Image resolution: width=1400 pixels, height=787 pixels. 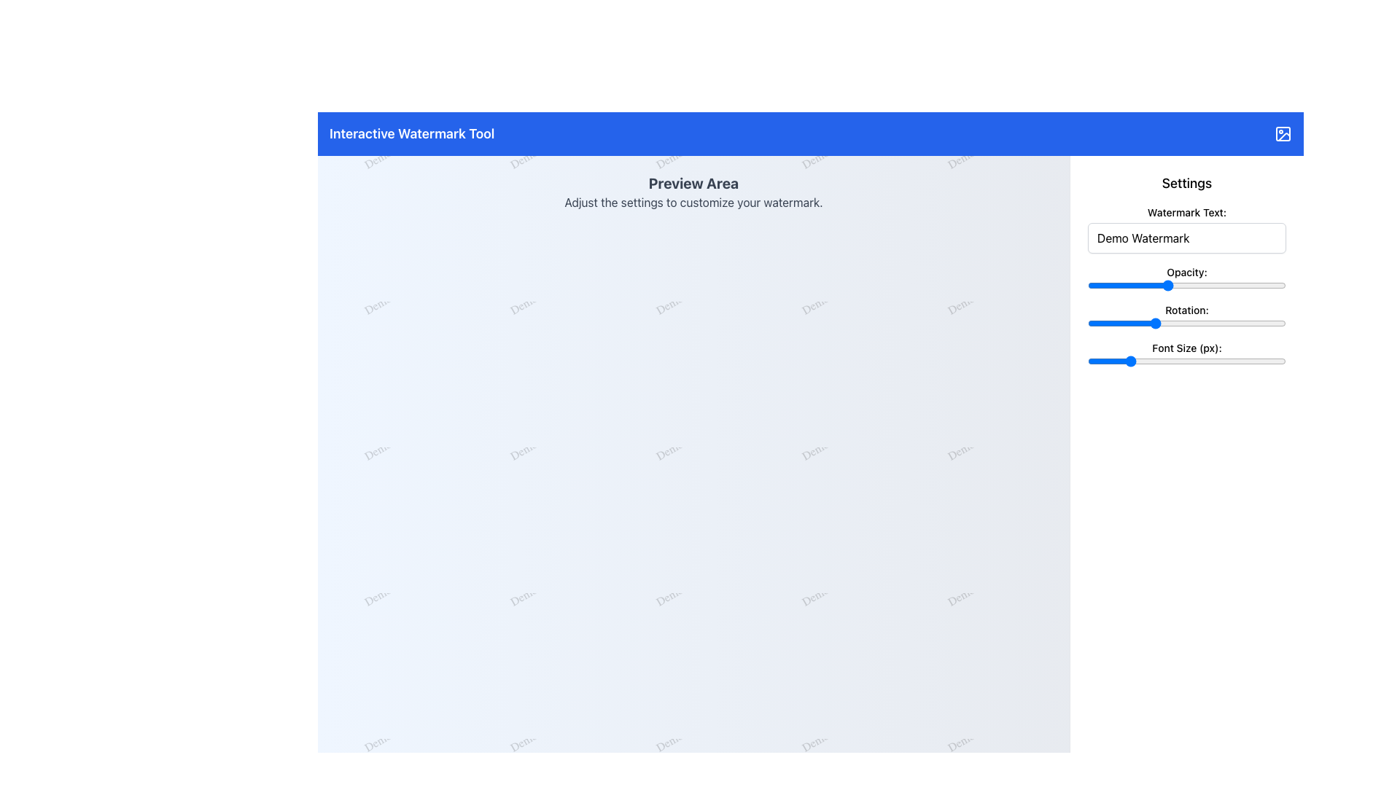 I want to click on font size, so click(x=1101, y=361).